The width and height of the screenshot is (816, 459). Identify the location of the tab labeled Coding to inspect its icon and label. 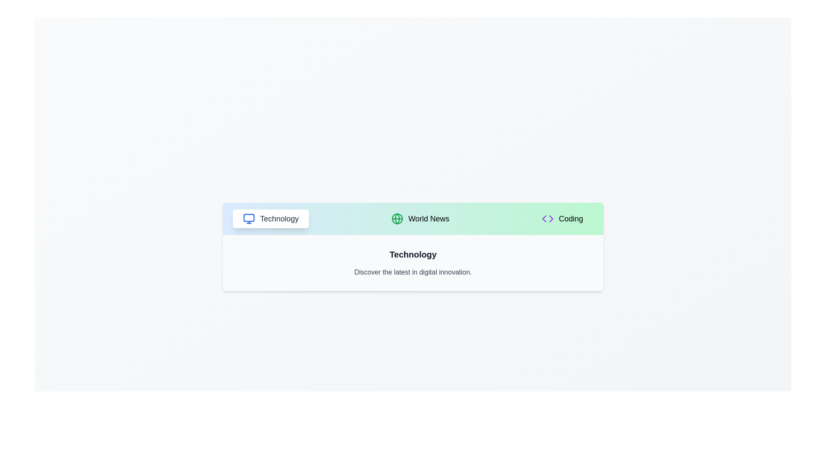
(562, 218).